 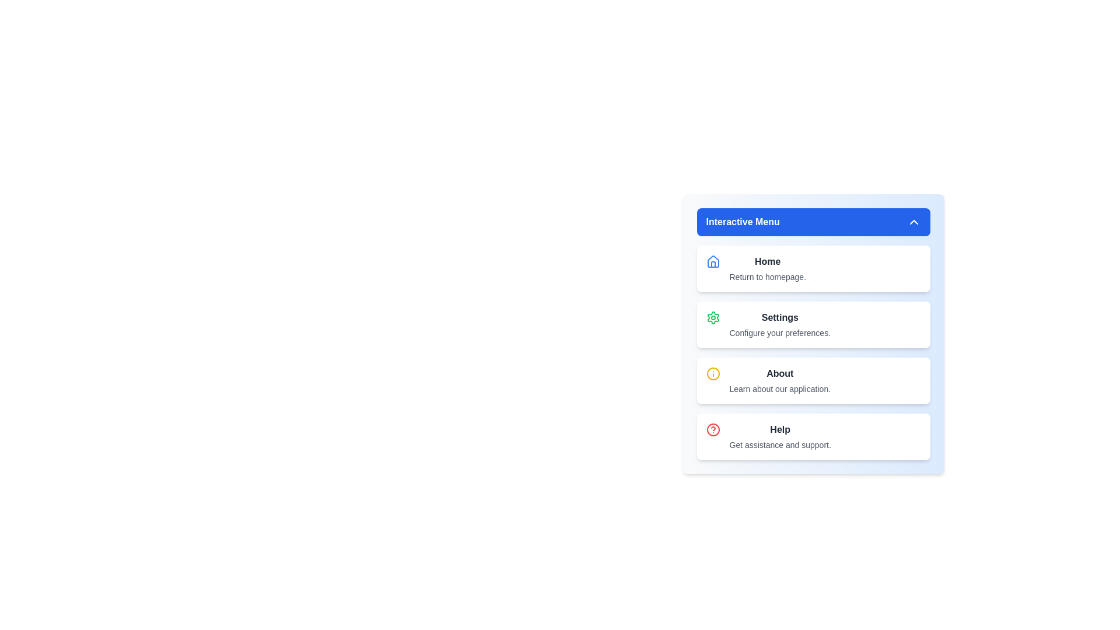 I want to click on the decorative icon (circle with outline) located at the center of the 'About' button in the interactive menu, which is the third button from the top, so click(x=712, y=373).